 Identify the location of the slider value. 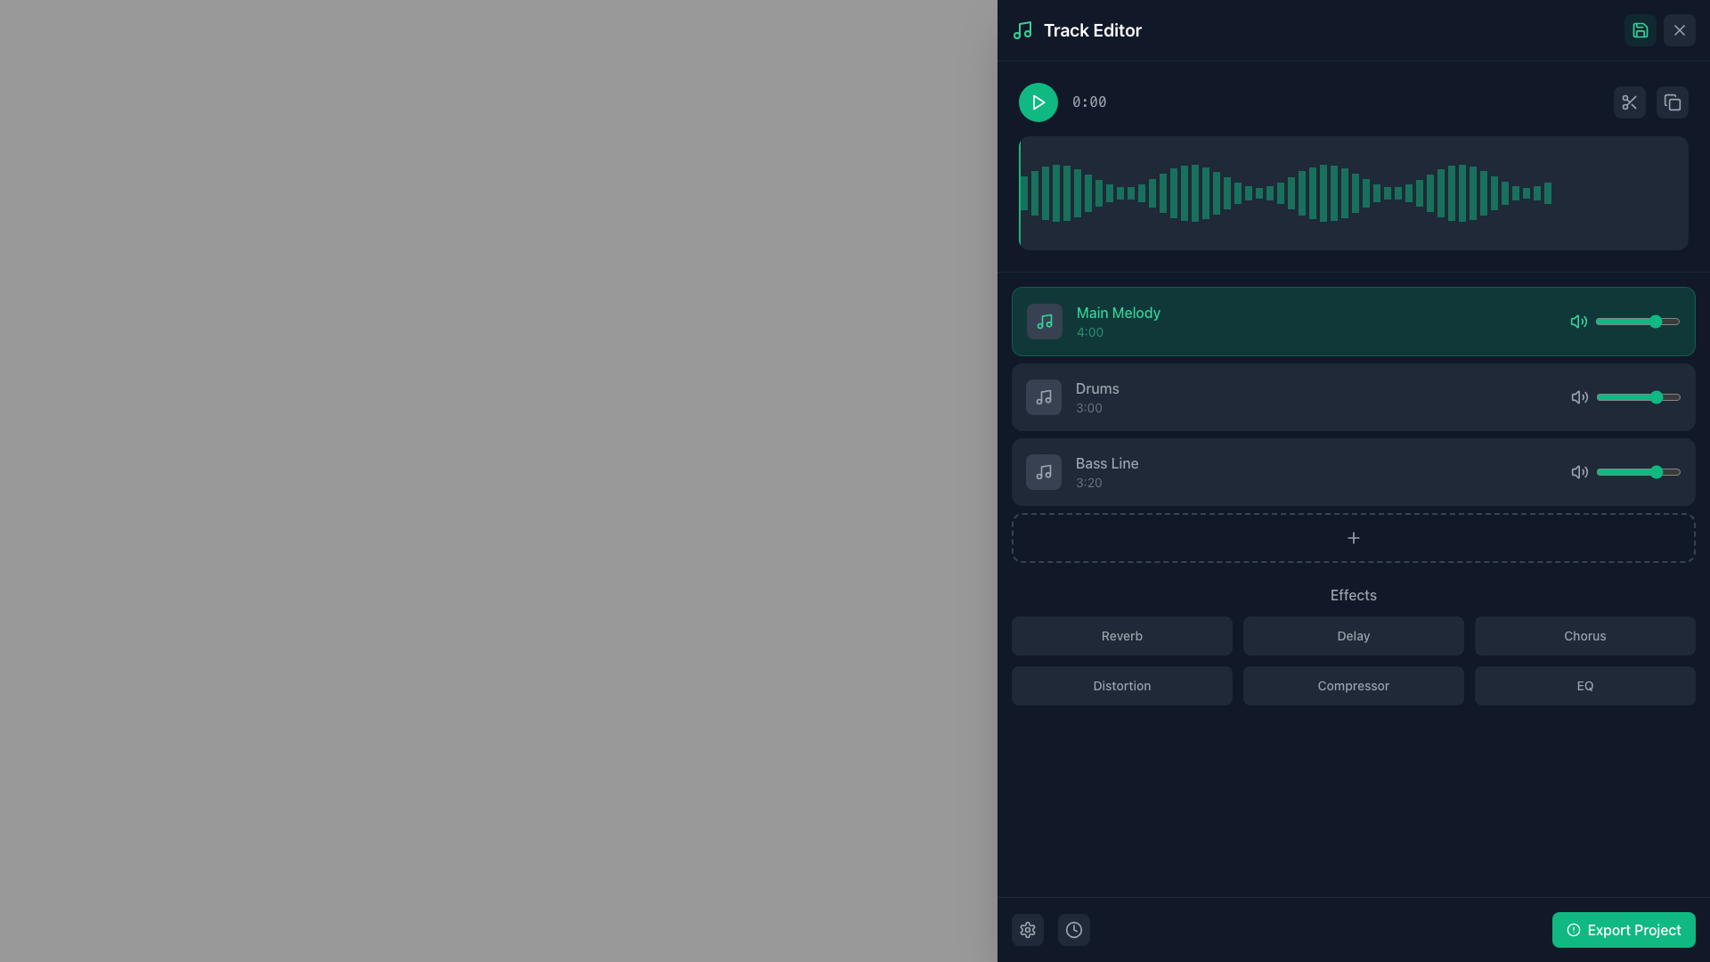
(1641, 322).